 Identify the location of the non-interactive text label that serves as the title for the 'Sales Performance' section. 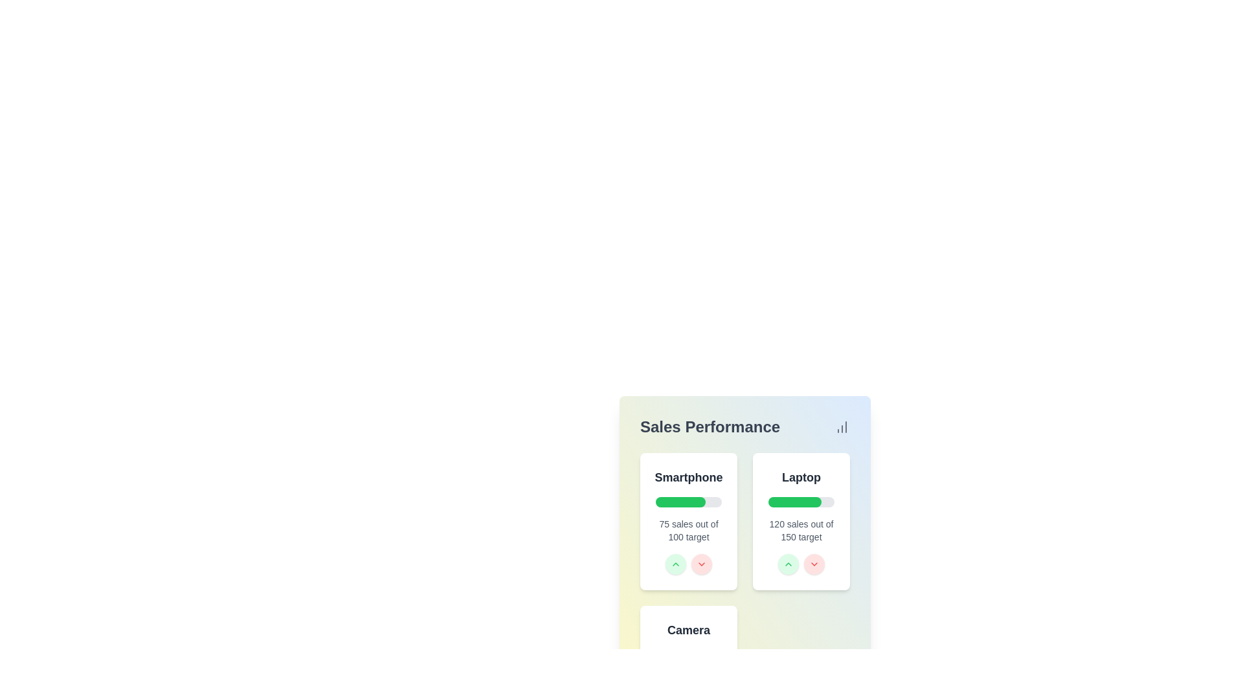
(710, 427).